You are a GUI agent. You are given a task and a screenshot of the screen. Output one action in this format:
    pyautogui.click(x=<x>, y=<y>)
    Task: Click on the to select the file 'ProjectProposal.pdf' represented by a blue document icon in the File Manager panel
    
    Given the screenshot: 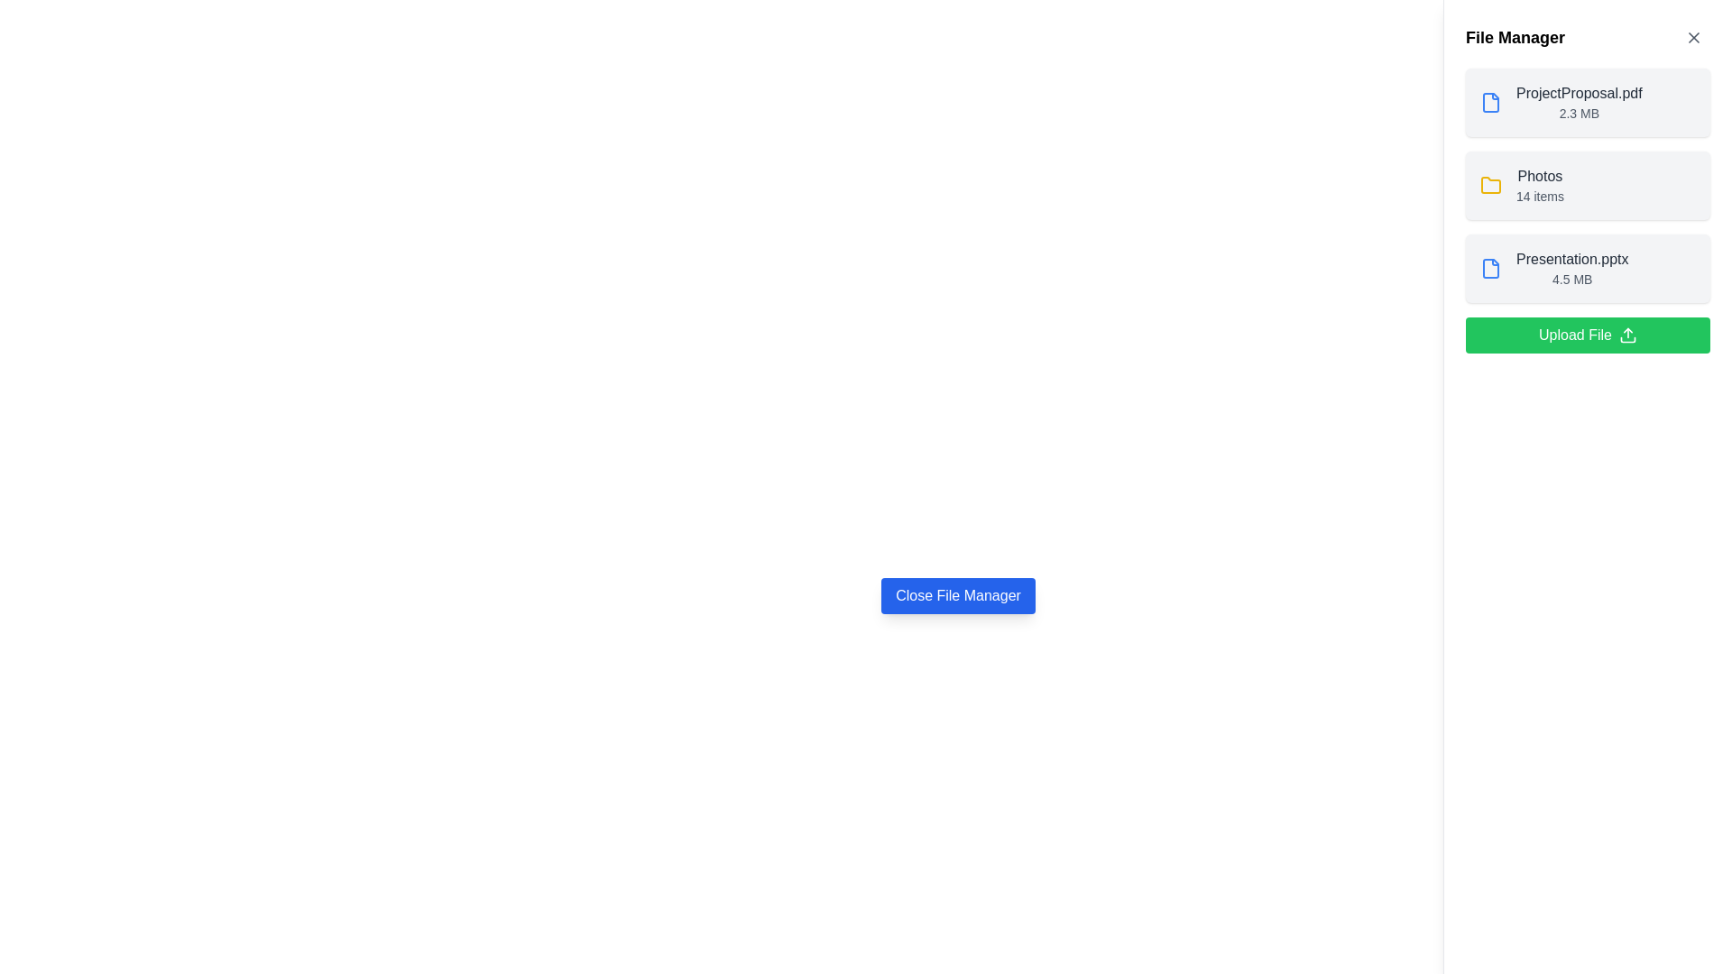 What is the action you would take?
    pyautogui.click(x=1560, y=103)
    